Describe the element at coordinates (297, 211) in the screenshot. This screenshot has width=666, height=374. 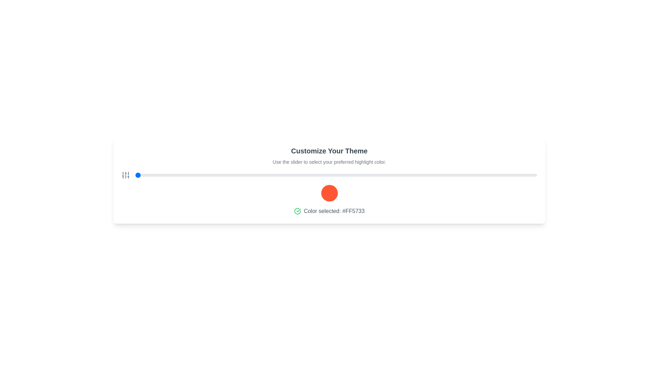
I see `the small green icon depicting a circle with a checkmark inside, which serves as a confirmation symbol, located to the left of the text 'Color selected: #FF5733'` at that location.